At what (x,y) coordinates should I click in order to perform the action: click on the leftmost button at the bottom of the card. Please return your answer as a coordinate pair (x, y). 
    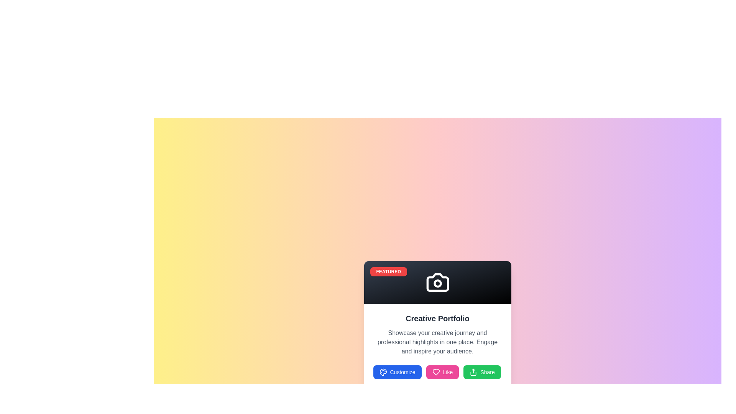
    Looking at the image, I should click on (397, 372).